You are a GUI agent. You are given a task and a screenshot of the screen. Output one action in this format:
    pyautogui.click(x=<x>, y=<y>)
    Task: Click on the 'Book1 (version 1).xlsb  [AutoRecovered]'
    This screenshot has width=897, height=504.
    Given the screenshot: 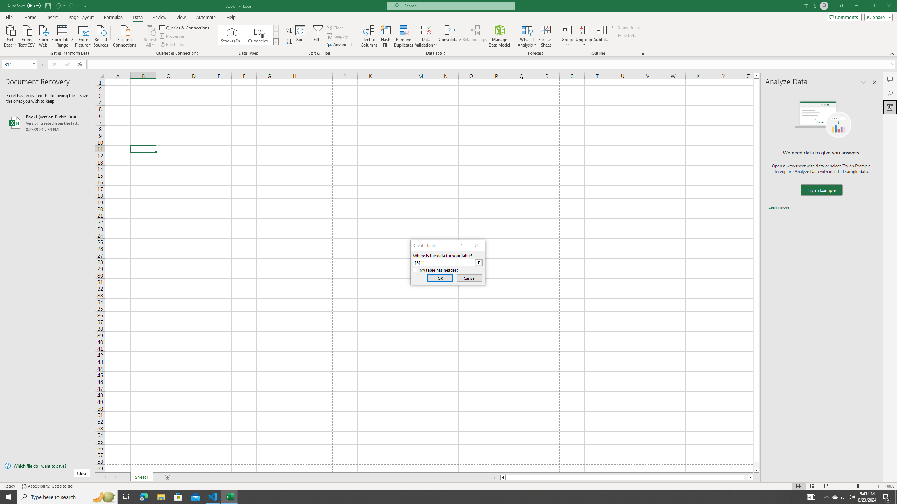 What is the action you would take?
    pyautogui.click(x=47, y=122)
    